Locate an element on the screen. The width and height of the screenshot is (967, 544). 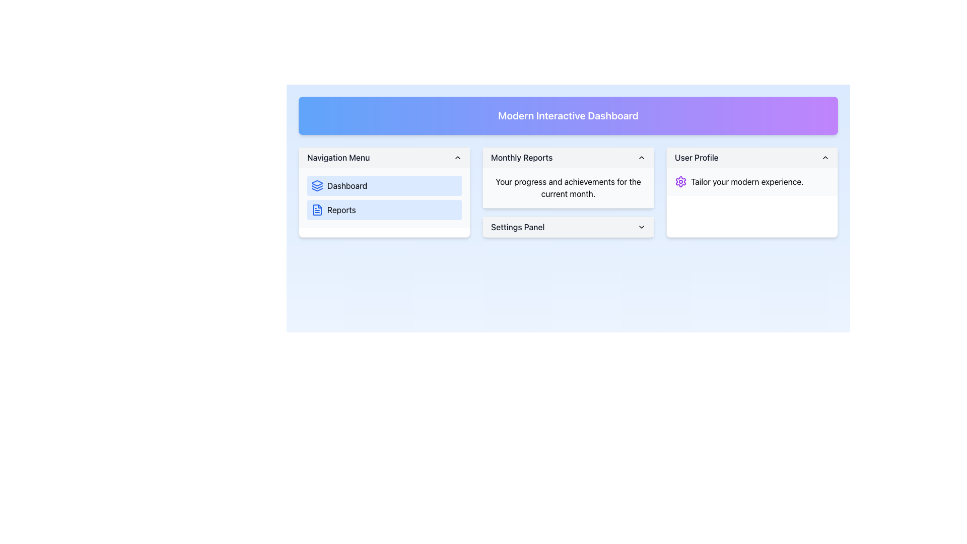
the 'User Profile' Card component located at the bottom-right of the interface is located at coordinates (752, 192).